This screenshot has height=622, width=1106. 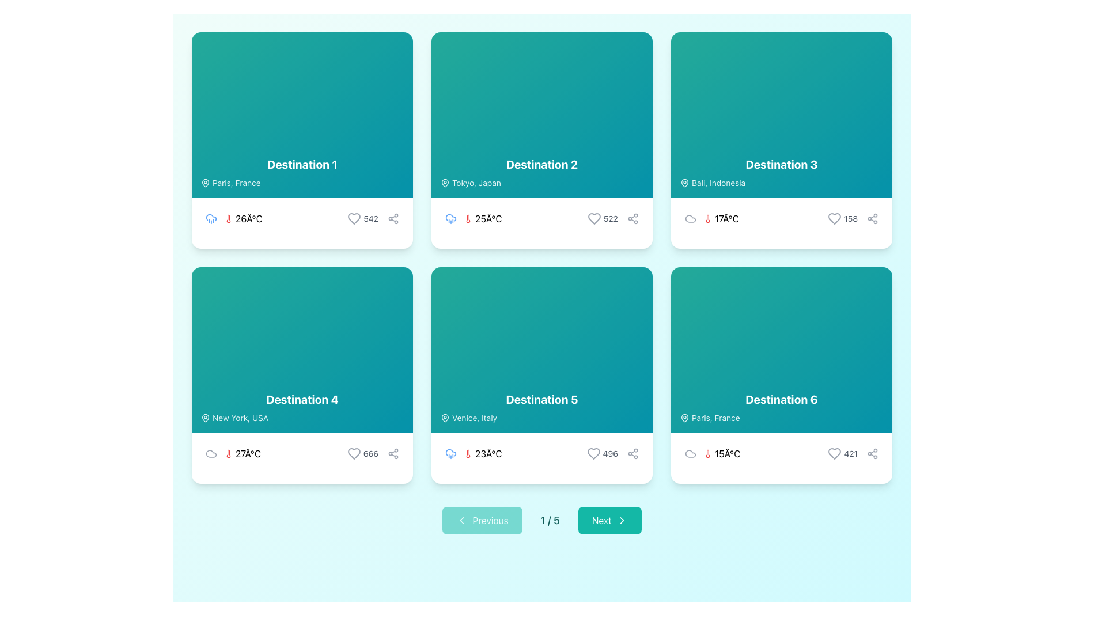 What do you see at coordinates (371, 219) in the screenshot?
I see `the label displaying the count of likes or favorites located in the bottom-right section of Destination 1 card, adjacent to the heart icon` at bounding box center [371, 219].